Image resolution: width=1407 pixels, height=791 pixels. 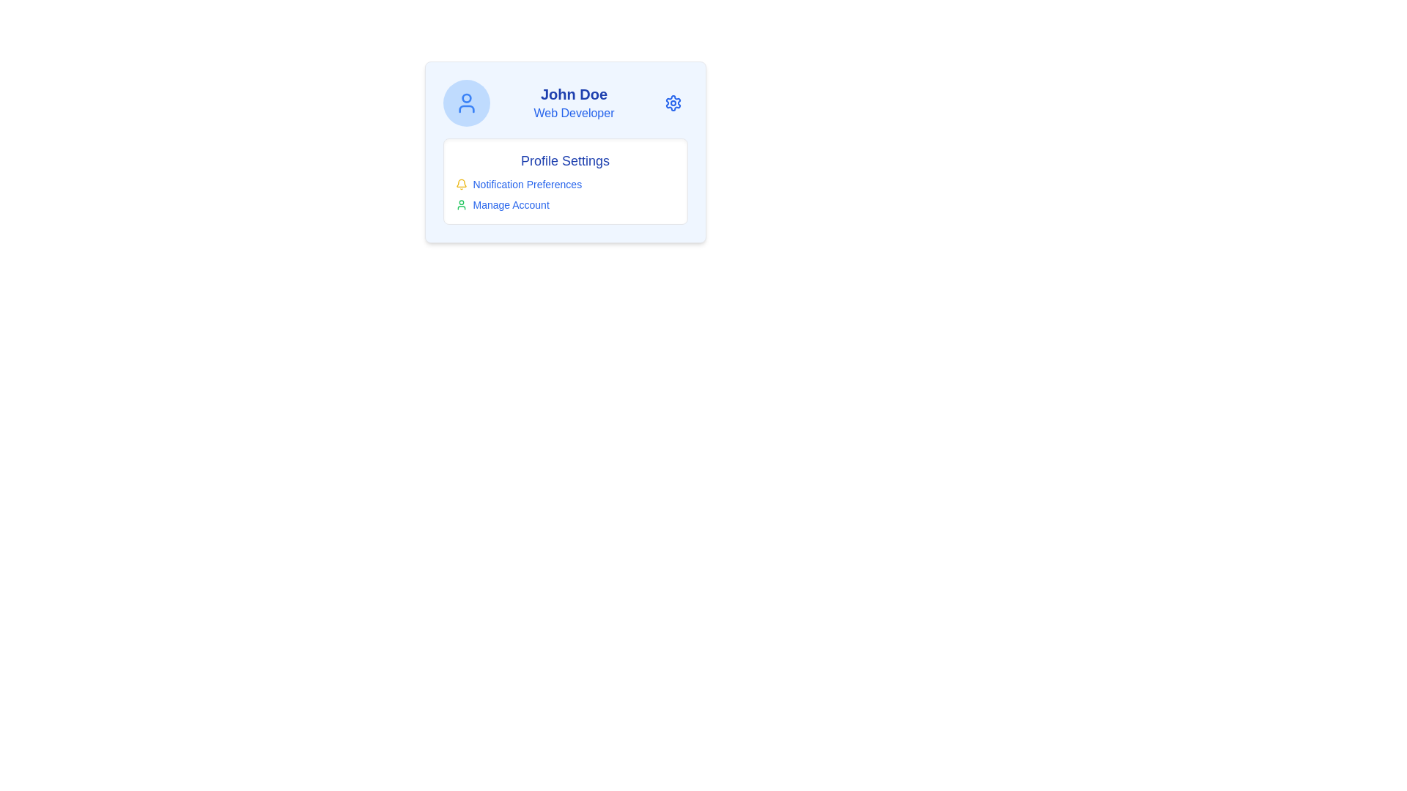 What do you see at coordinates (465, 98) in the screenshot?
I see `the user profile graphic icon located at the center of the blue circular area to the left of the text 'John Doe'` at bounding box center [465, 98].